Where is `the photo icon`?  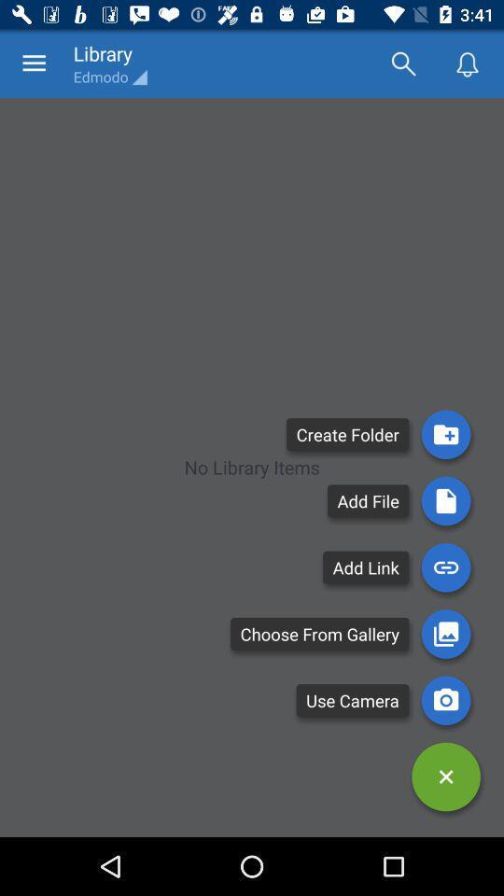
the photo icon is located at coordinates (445, 699).